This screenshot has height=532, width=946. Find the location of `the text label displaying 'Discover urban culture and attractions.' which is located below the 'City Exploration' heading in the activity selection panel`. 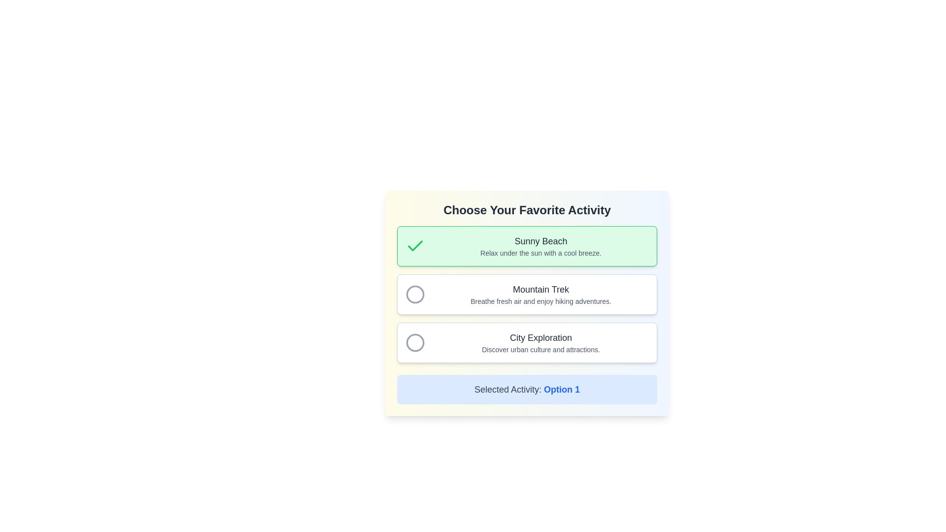

the text label displaying 'Discover urban culture and attractions.' which is located below the 'City Exploration' heading in the activity selection panel is located at coordinates (541, 349).